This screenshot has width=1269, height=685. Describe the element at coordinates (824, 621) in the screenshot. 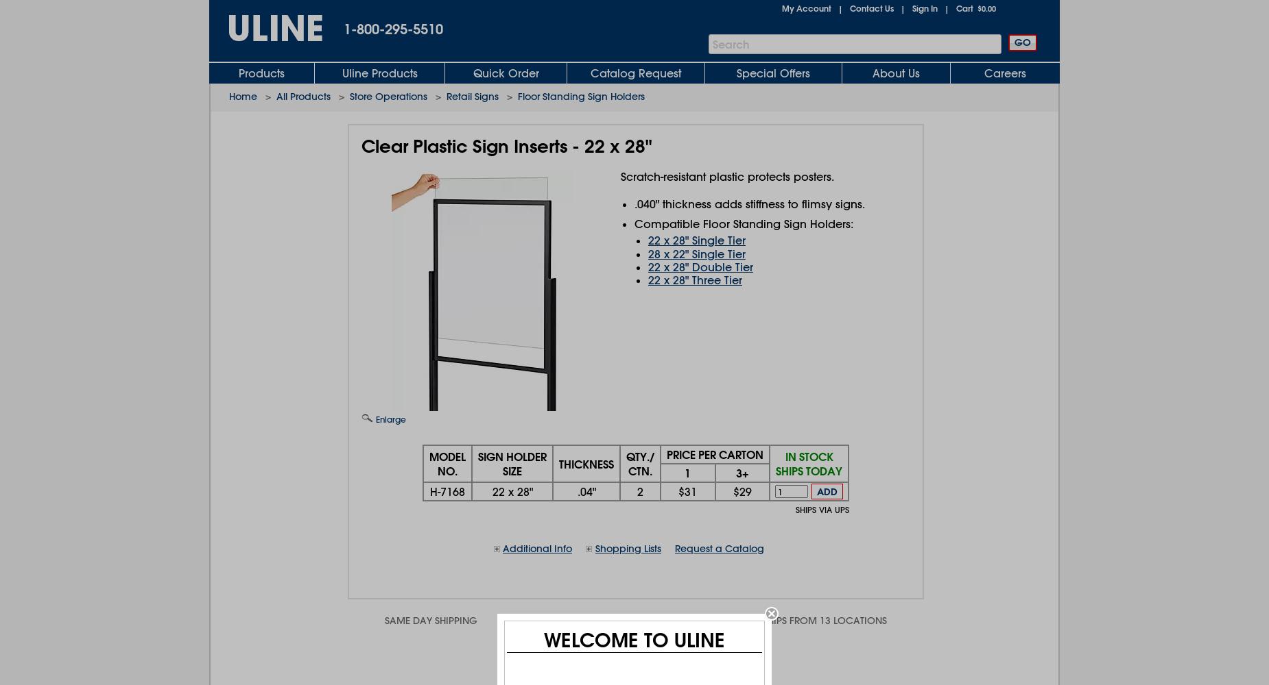

I see `'SHIPS FROM 13 LOCATIONS'` at that location.